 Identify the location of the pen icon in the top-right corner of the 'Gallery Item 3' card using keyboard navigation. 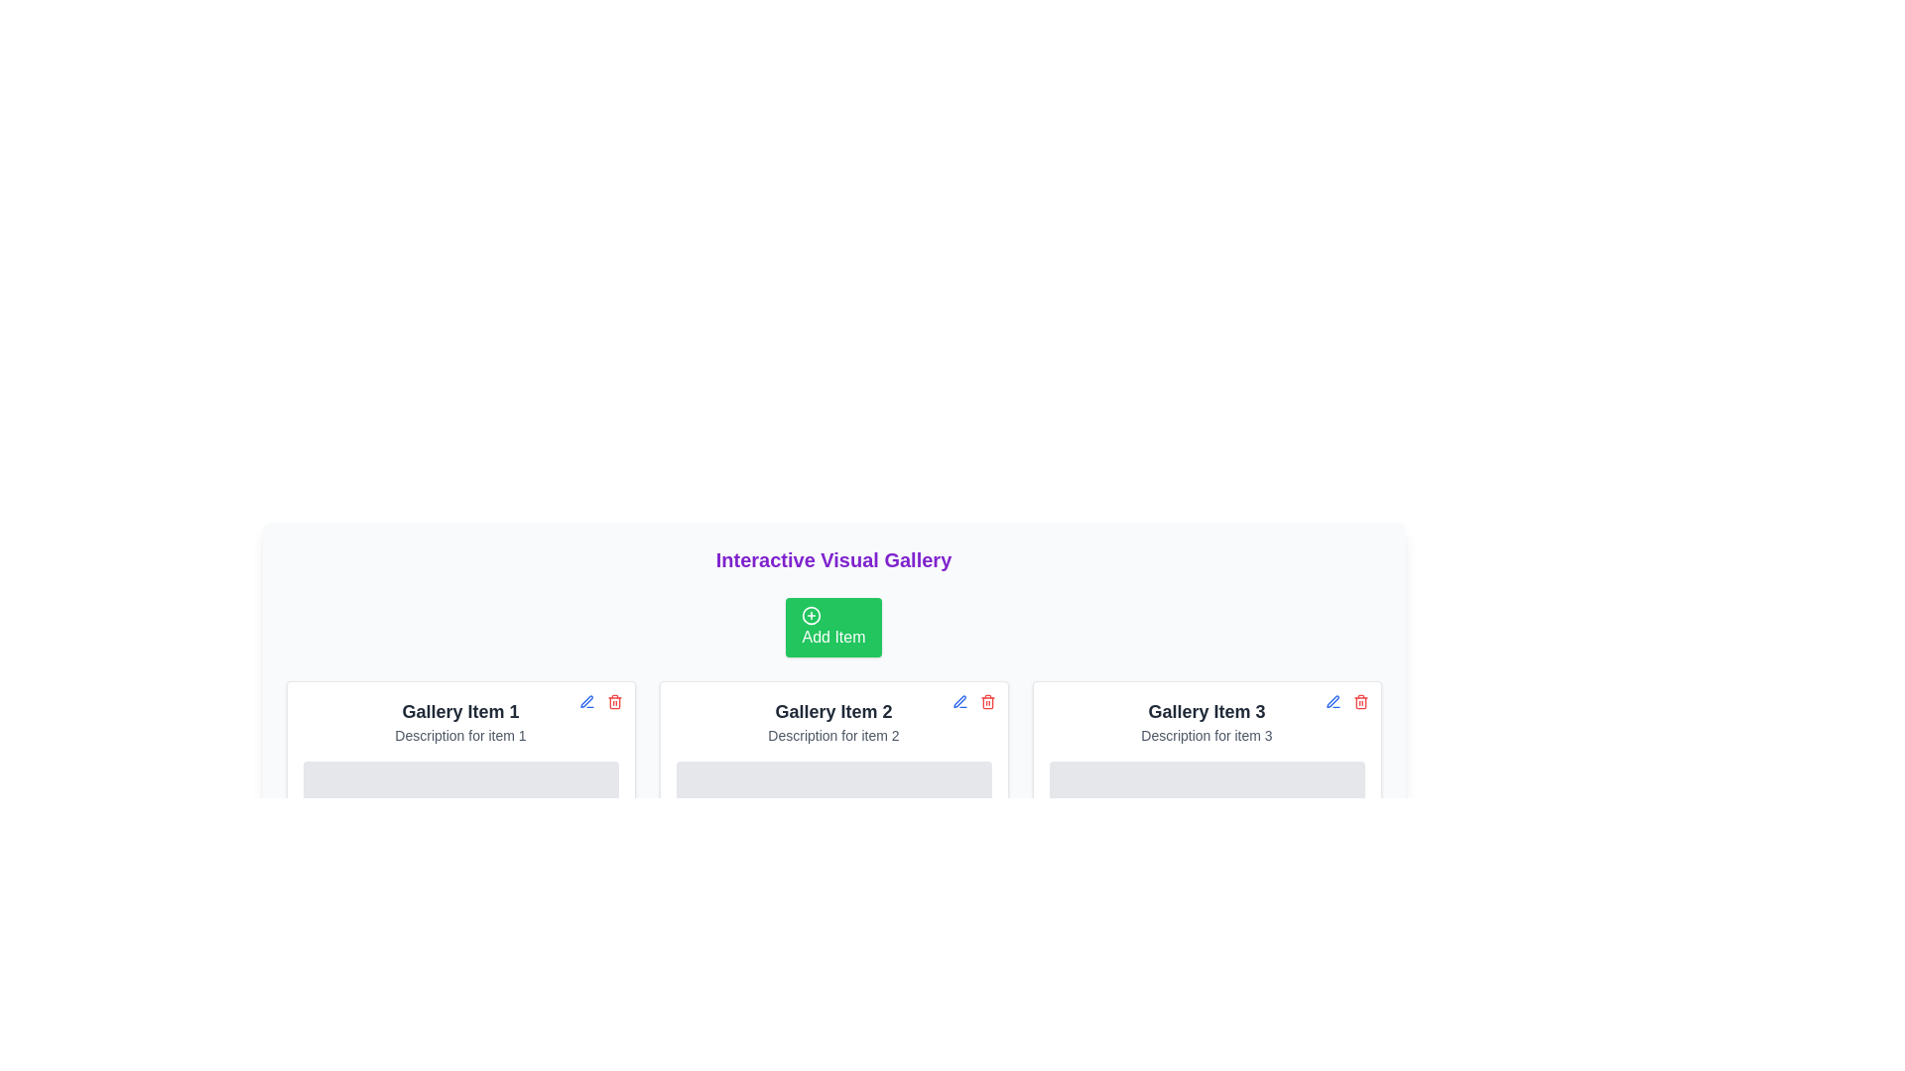
(1333, 701).